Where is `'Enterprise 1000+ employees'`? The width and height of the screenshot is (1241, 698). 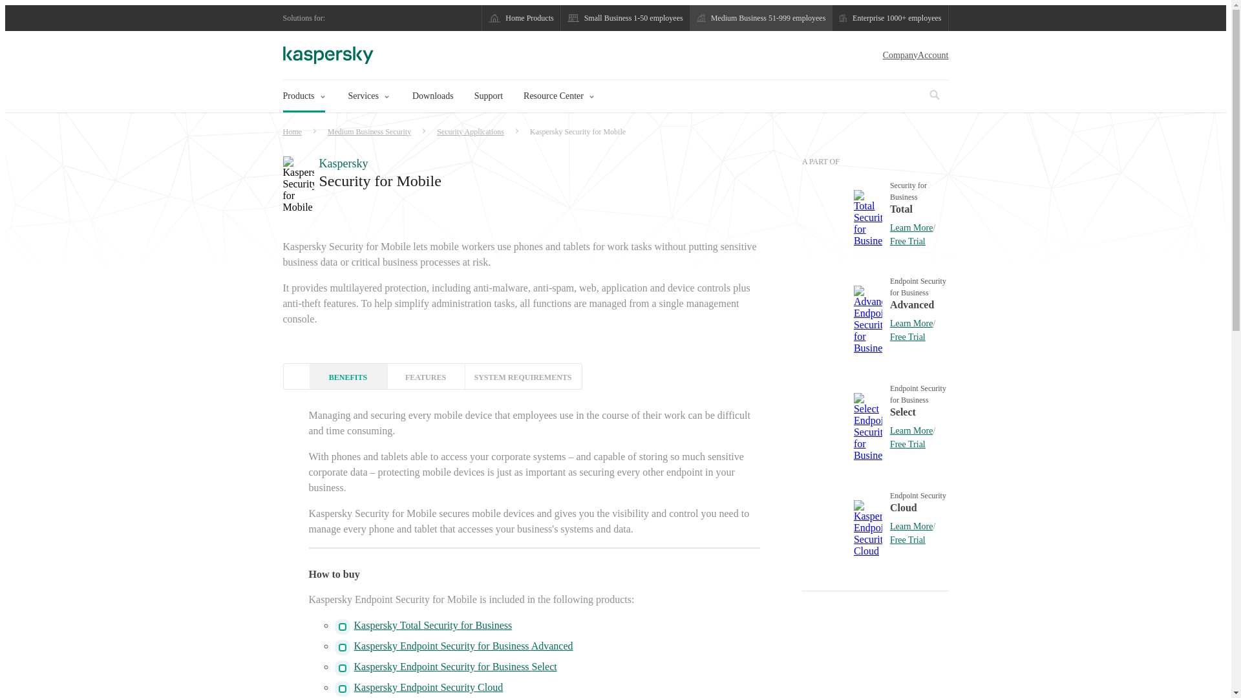 'Enterprise 1000+ employees' is located at coordinates (889, 17).